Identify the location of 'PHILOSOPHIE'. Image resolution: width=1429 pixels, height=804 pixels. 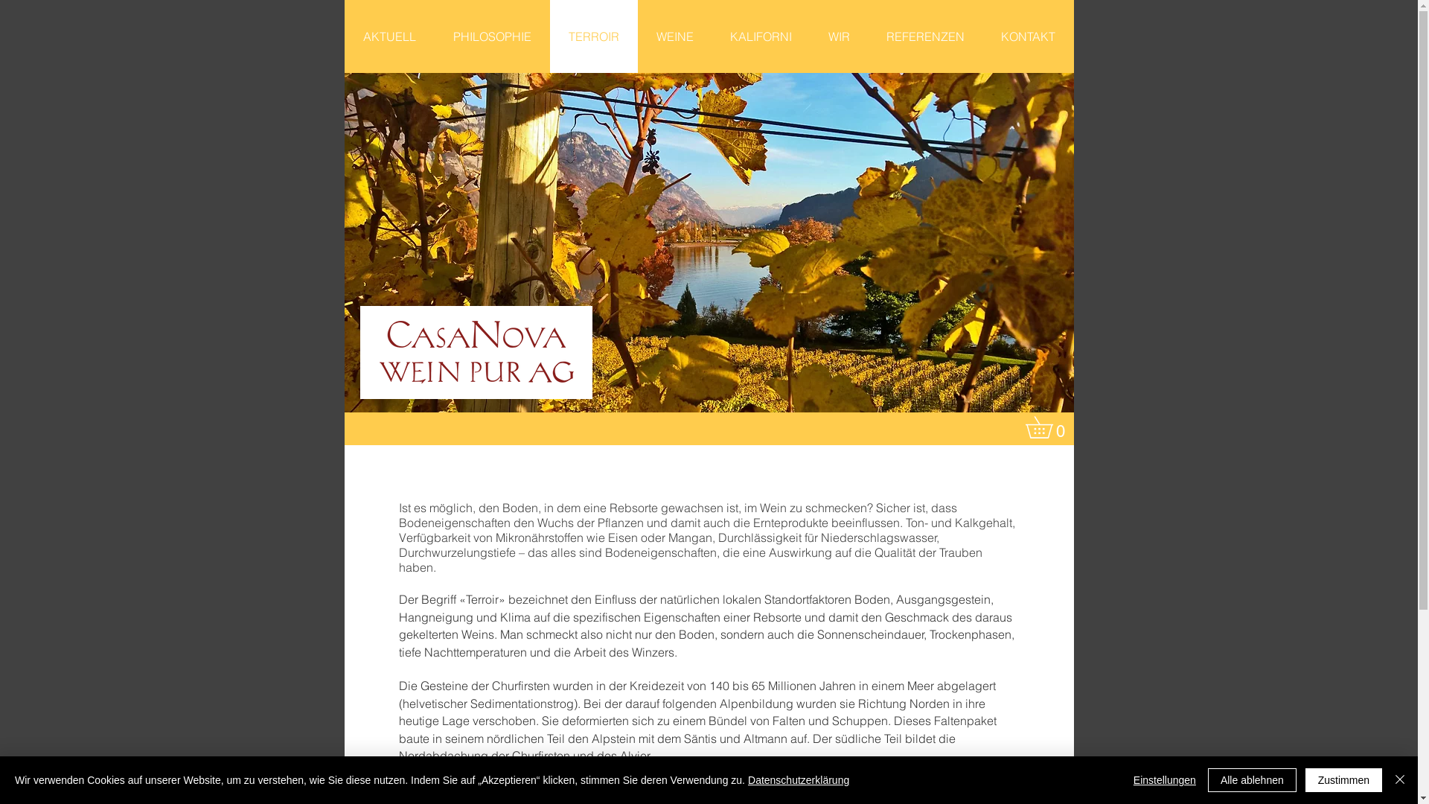
(492, 36).